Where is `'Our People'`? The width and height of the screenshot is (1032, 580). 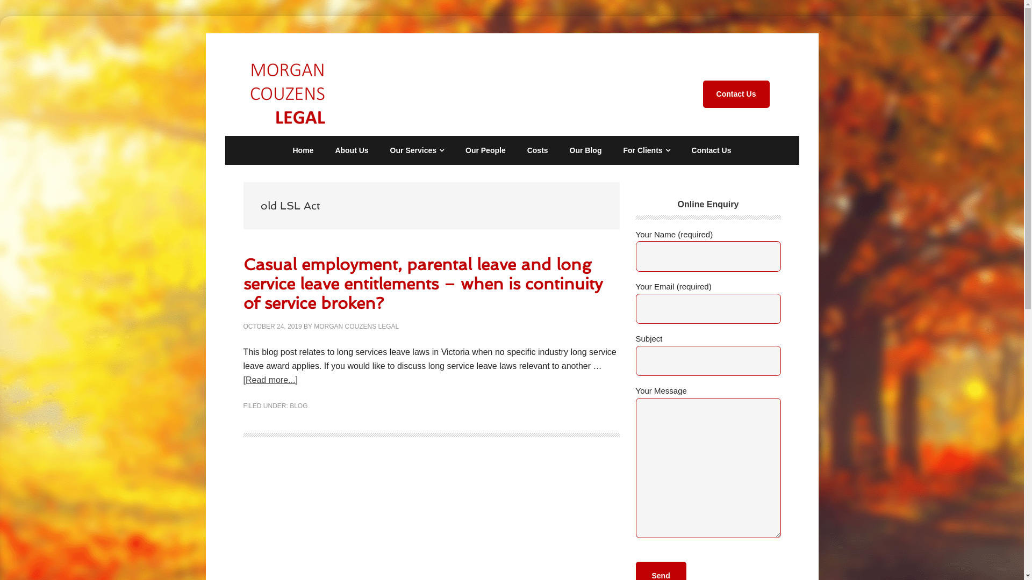
'Our People' is located at coordinates (485, 150).